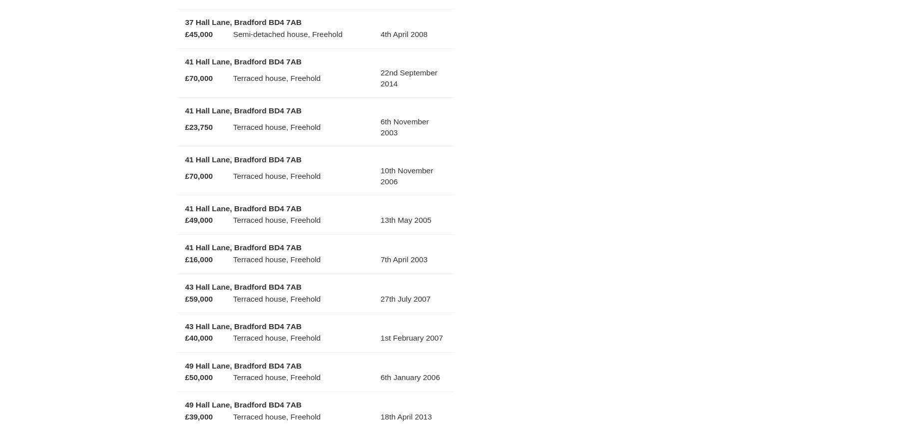 Image resolution: width=924 pixels, height=431 pixels. Describe the element at coordinates (198, 259) in the screenshot. I see `'£16,000'` at that location.